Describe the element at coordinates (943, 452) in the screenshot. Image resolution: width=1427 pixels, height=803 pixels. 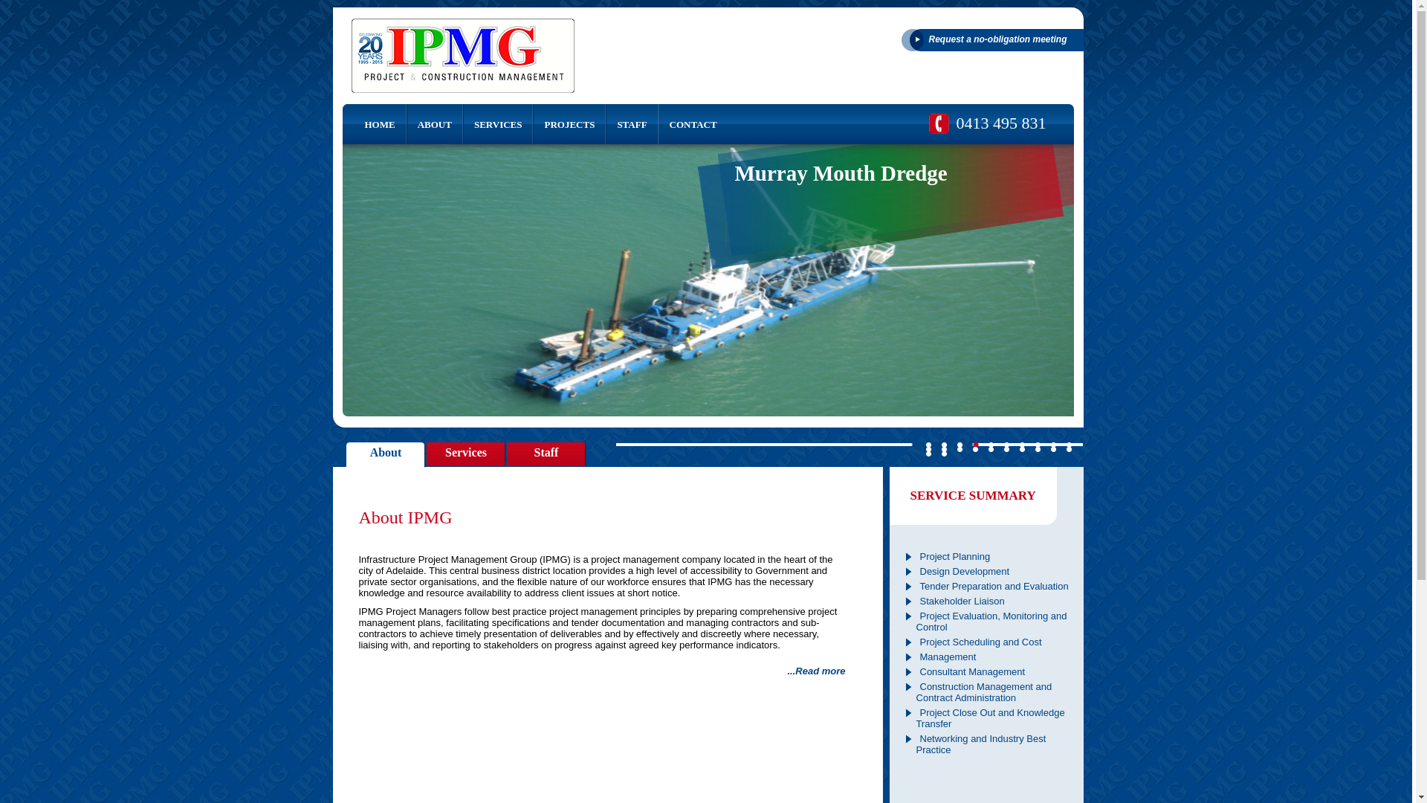
I see `'22'` at that location.